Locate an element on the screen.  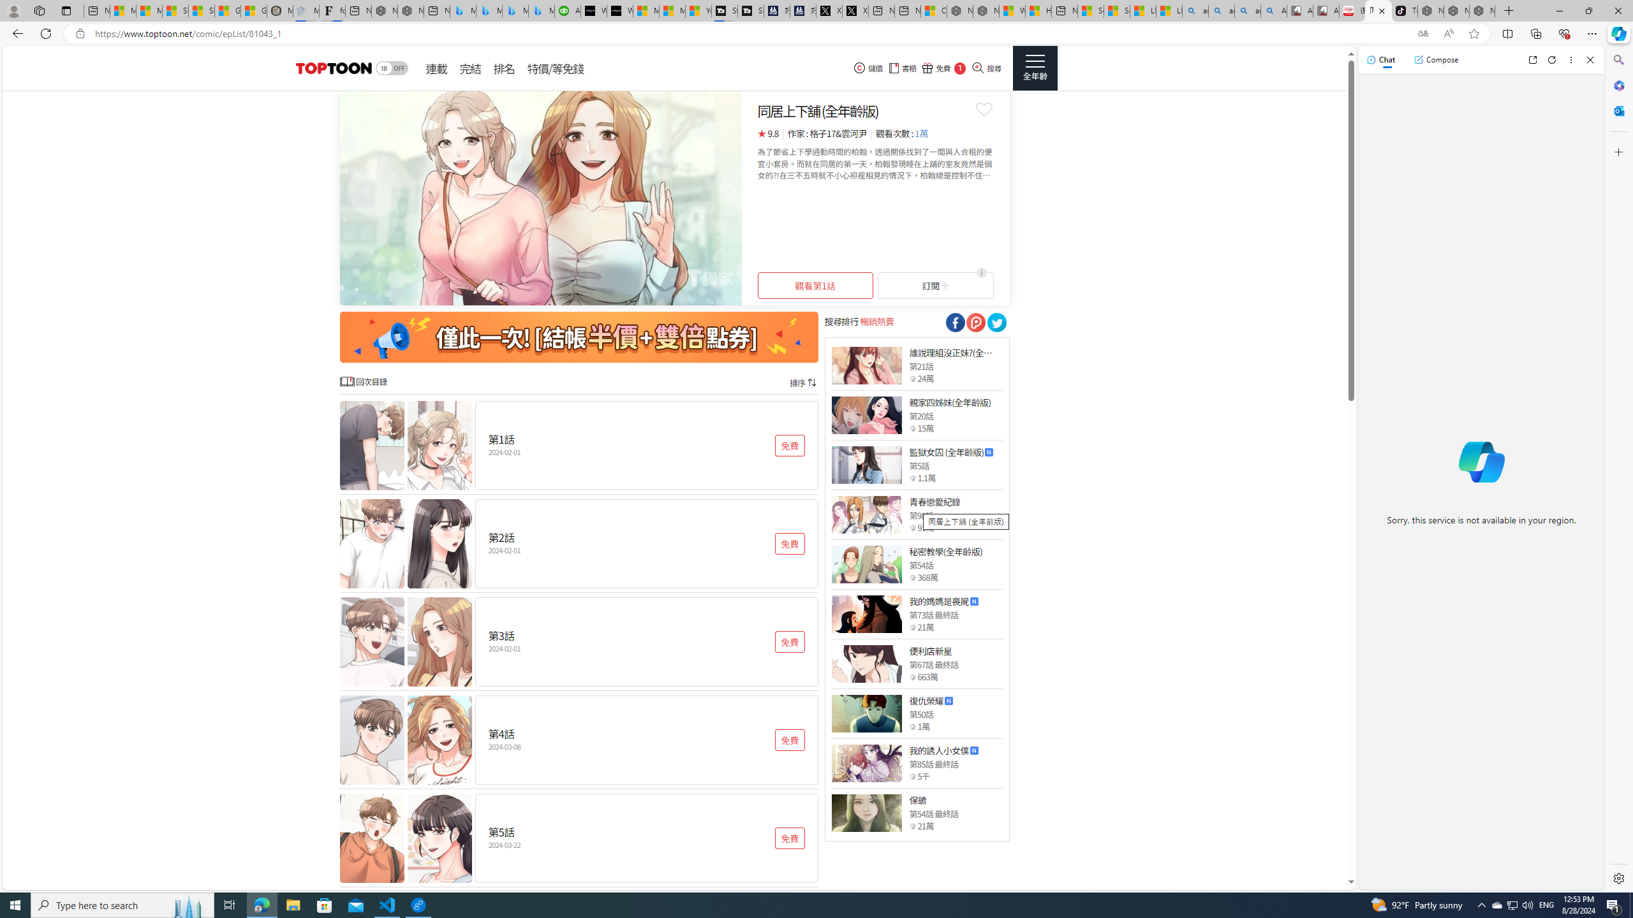
'Nordace - Siena Pro 15 Essential Set' is located at coordinates (1482, 10).